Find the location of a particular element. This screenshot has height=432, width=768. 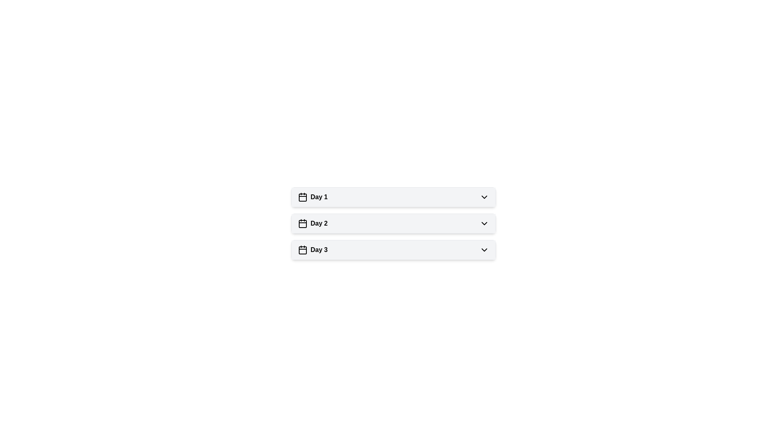

text content of the text label displaying 'Day 3' in bold, black font, located in the third entry of a vertically arranged list, with a calendar icon to its left and a dropdown arrow to its right is located at coordinates (318, 249).